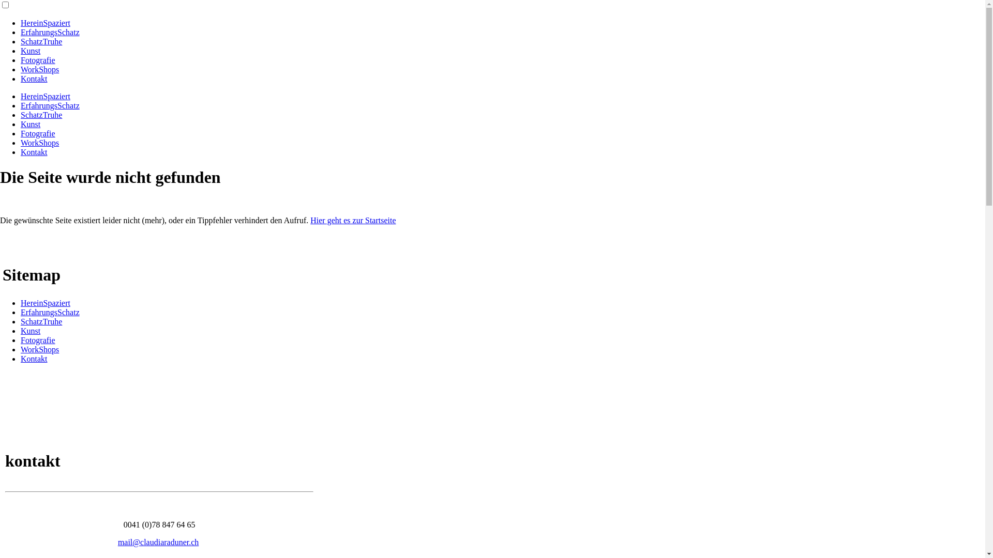 This screenshot has width=993, height=558. What do you see at coordinates (38, 133) in the screenshot?
I see `'Fotografie'` at bounding box center [38, 133].